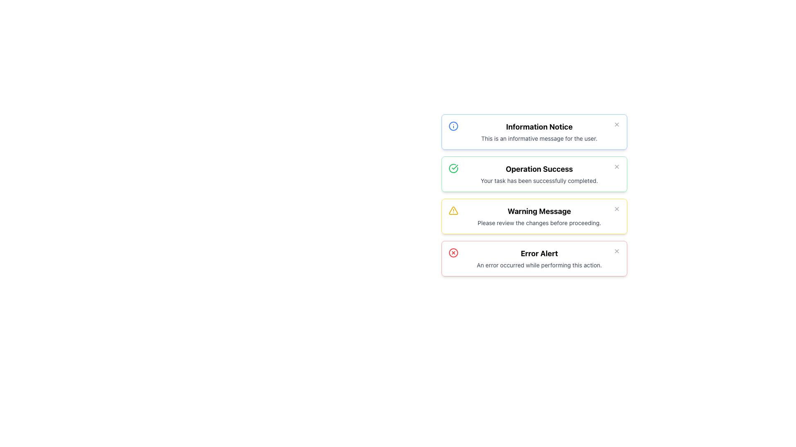  What do you see at coordinates (617, 124) in the screenshot?
I see `the close button located at the rightmost end of the message box` at bounding box center [617, 124].